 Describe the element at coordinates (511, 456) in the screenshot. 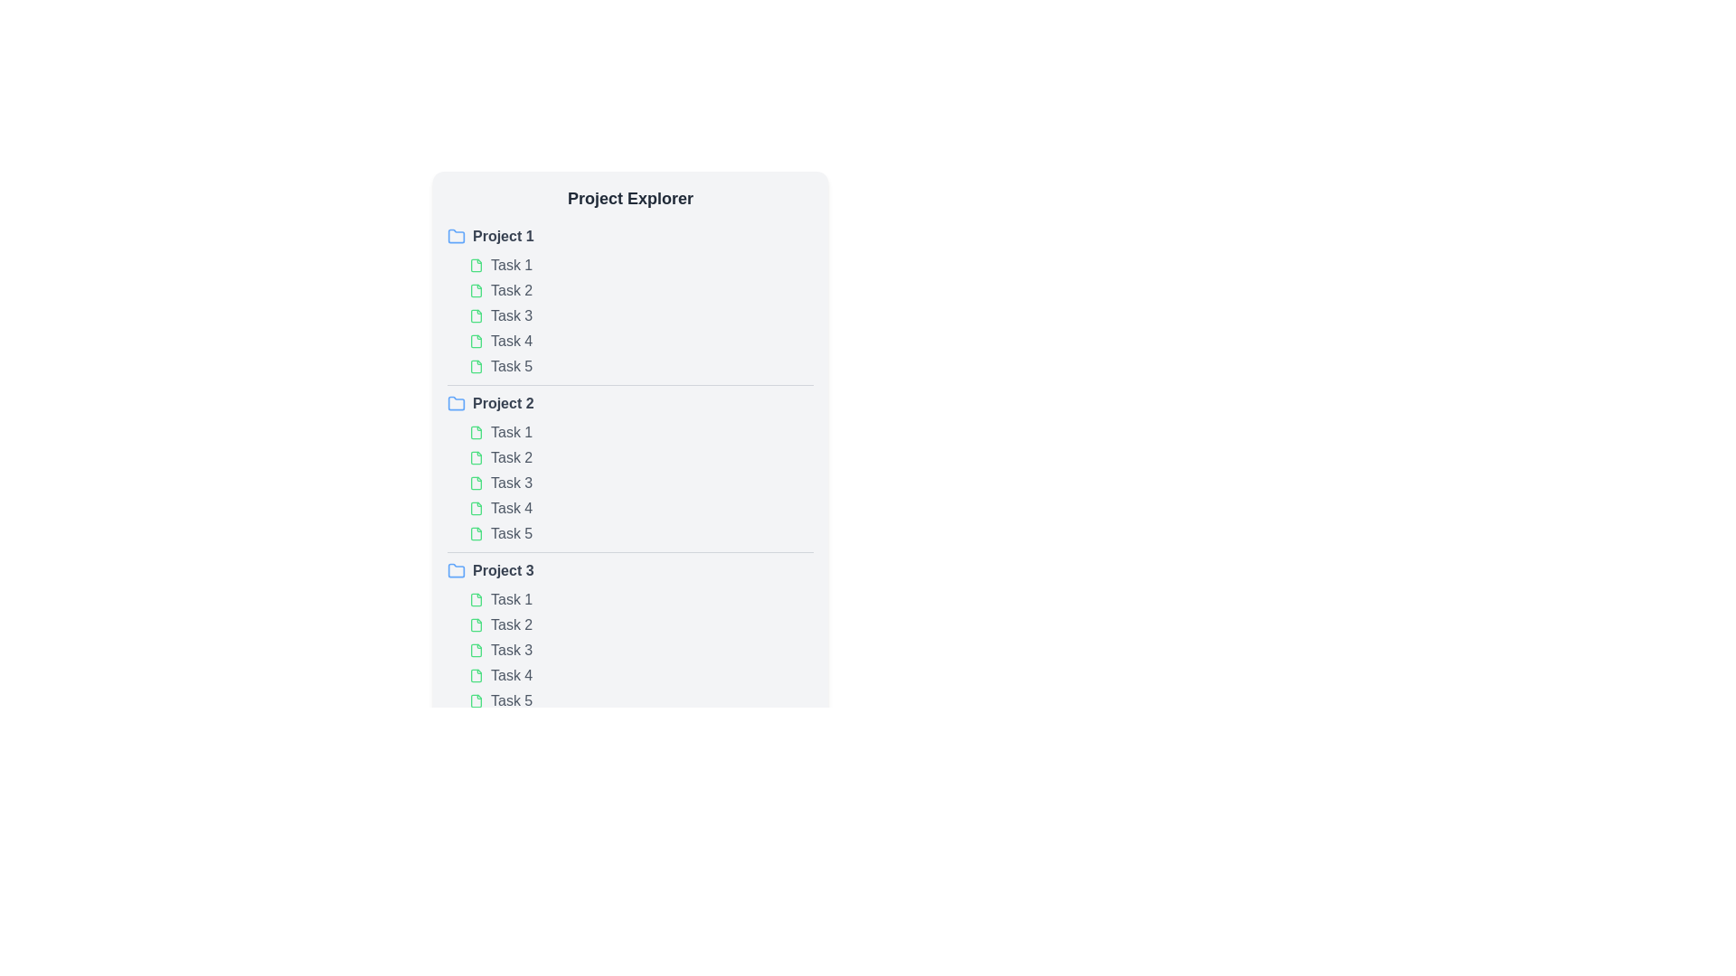

I see `the text label displaying 'Task 2' which changes color to green on hover` at that location.